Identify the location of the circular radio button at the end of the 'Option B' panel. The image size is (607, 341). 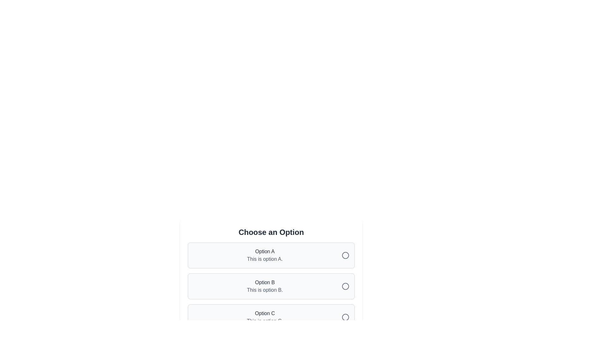
(345, 286).